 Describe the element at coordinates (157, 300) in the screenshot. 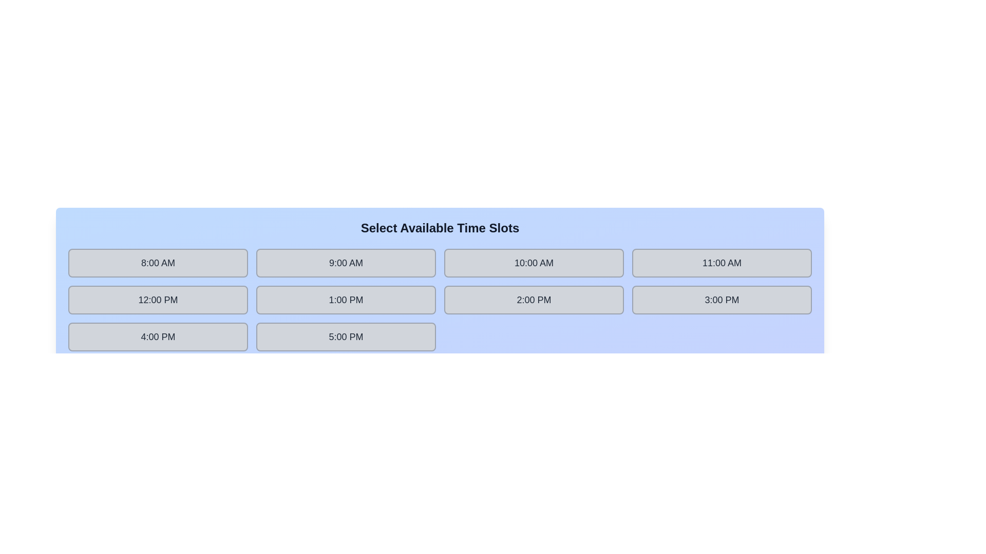

I see `the time slot labeled 12:00 PM` at that location.